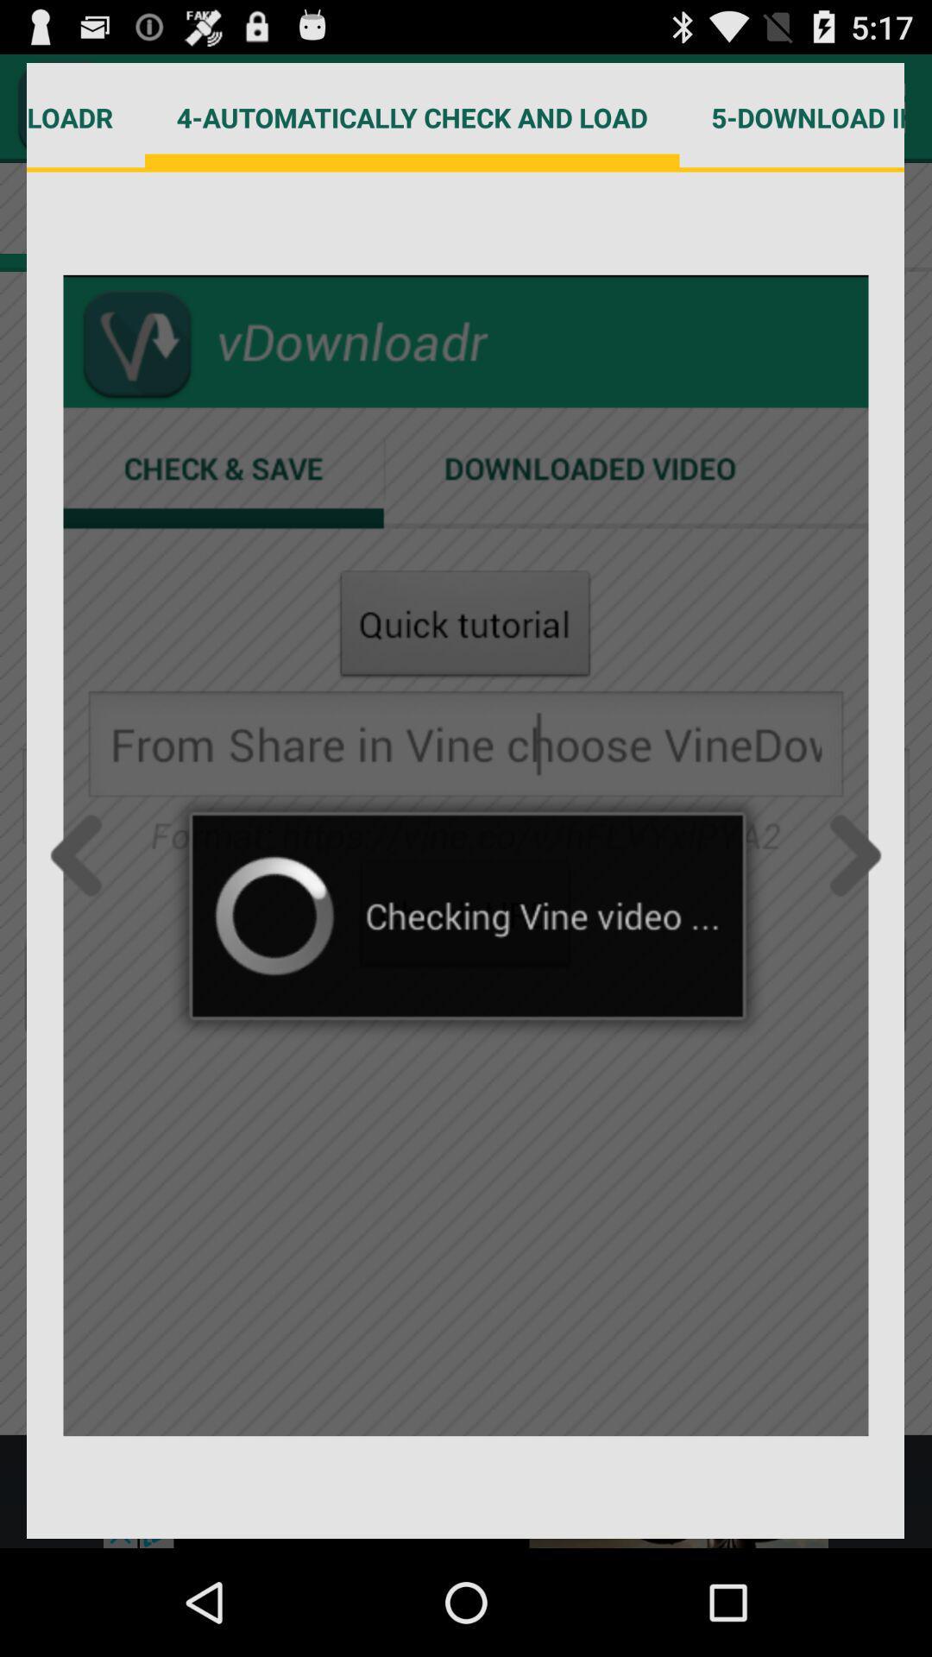 Image resolution: width=932 pixels, height=1657 pixels. What do you see at coordinates (81, 855) in the screenshot?
I see `see previous page` at bounding box center [81, 855].